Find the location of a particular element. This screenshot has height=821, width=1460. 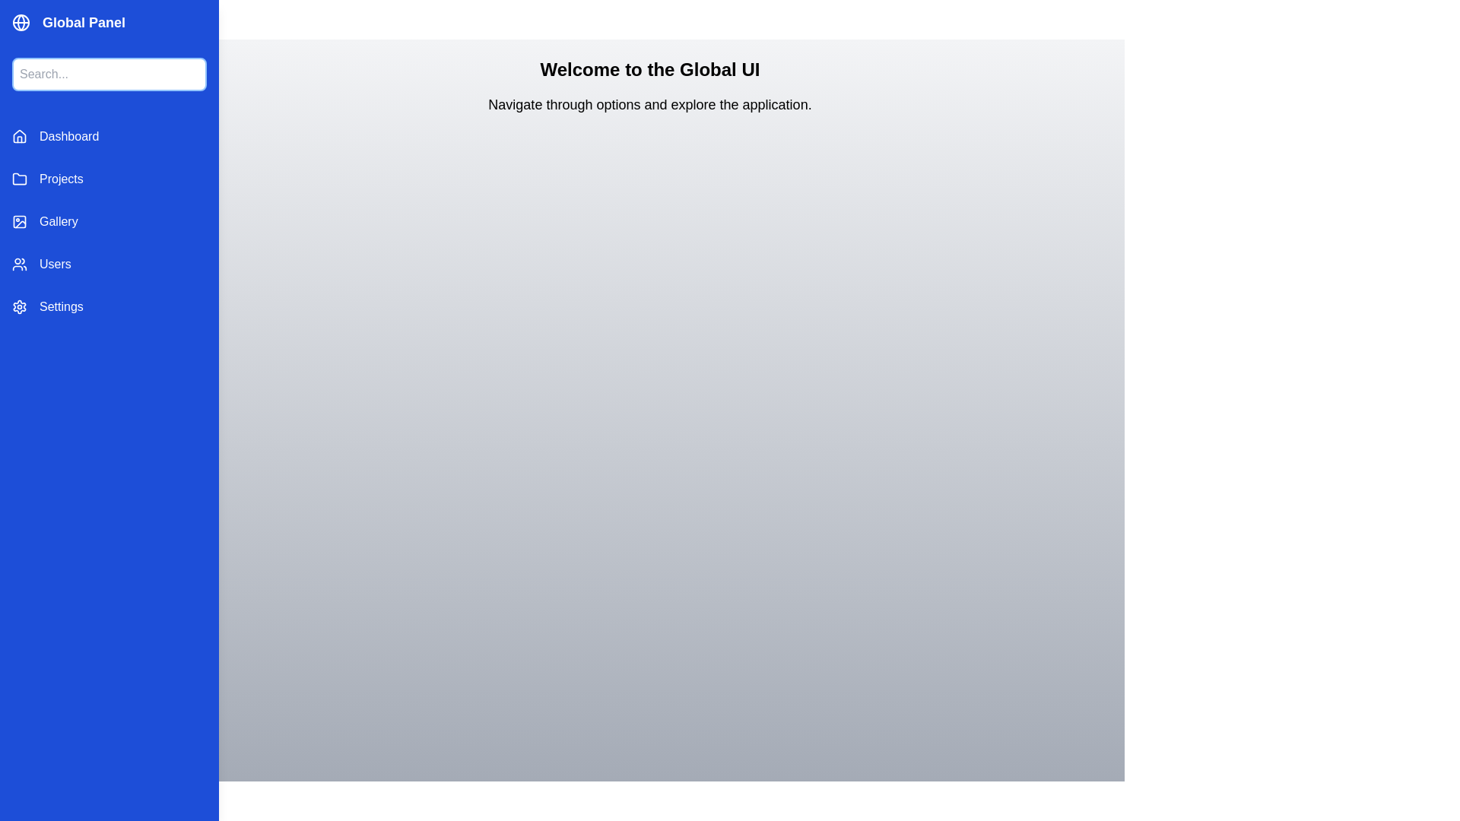

the navigation item labeled Dashboard to switch to its corresponding view is located at coordinates (109, 137).